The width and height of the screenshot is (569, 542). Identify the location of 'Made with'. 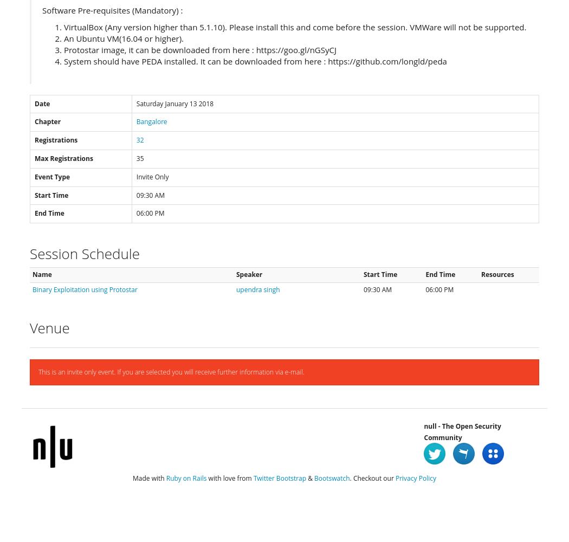
(148, 478).